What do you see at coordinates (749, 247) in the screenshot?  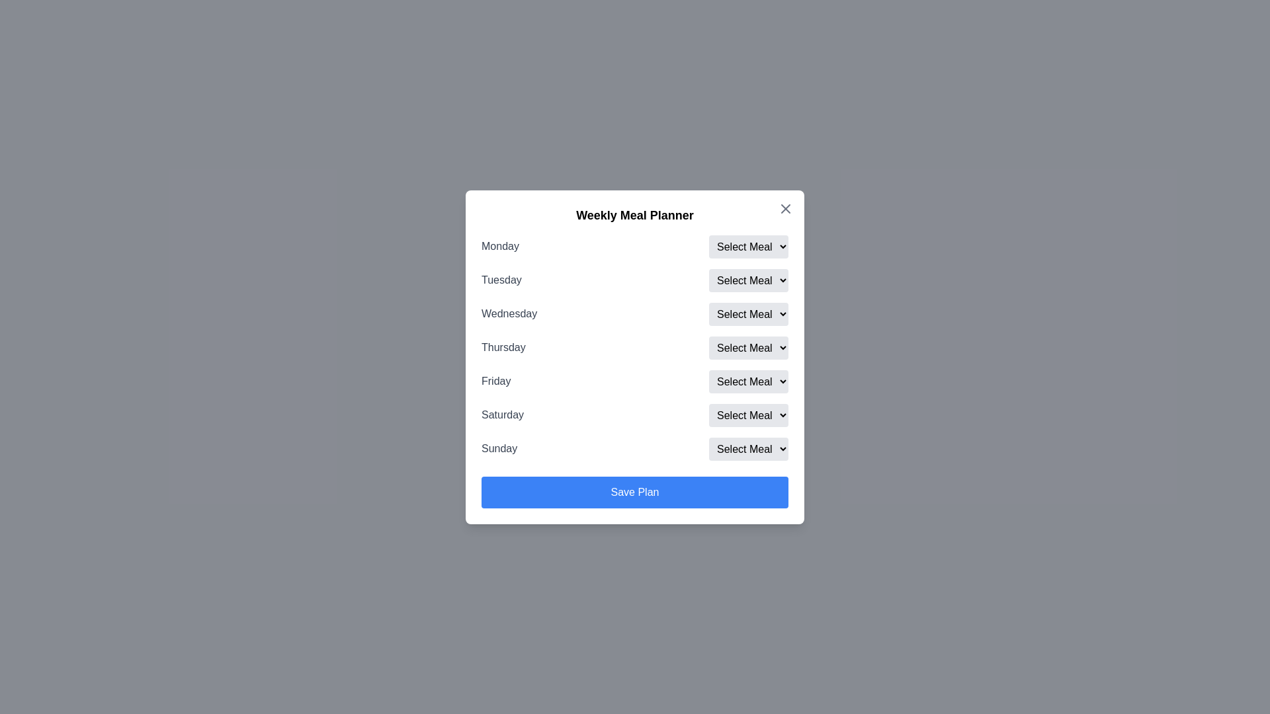 I see `the dropdown menu for a specific day to view the current meal selection` at bounding box center [749, 247].